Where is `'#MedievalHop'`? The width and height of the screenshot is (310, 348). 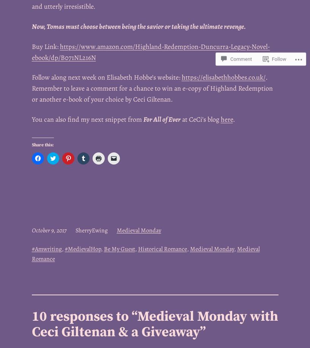
'#MedievalHop' is located at coordinates (64, 249).